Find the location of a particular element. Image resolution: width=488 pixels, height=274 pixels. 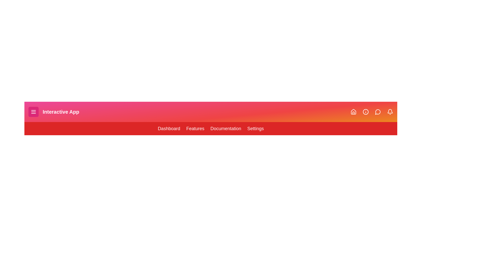

the menu button to toggle the menu visibility is located at coordinates (33, 111).